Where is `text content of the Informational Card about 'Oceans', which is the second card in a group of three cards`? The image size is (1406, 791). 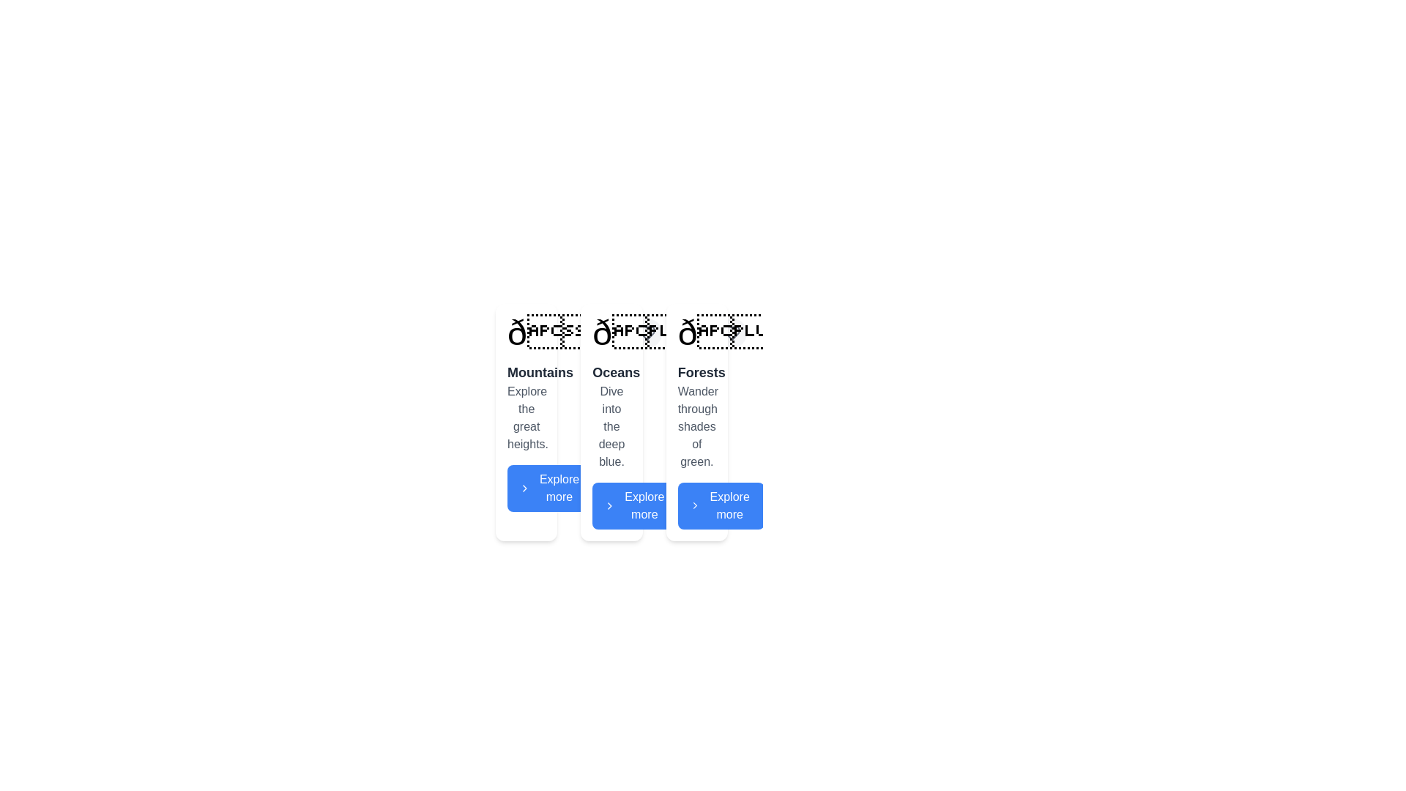
text content of the Informational Card about 'Oceans', which is the second card in a group of three cards is located at coordinates (611, 423).